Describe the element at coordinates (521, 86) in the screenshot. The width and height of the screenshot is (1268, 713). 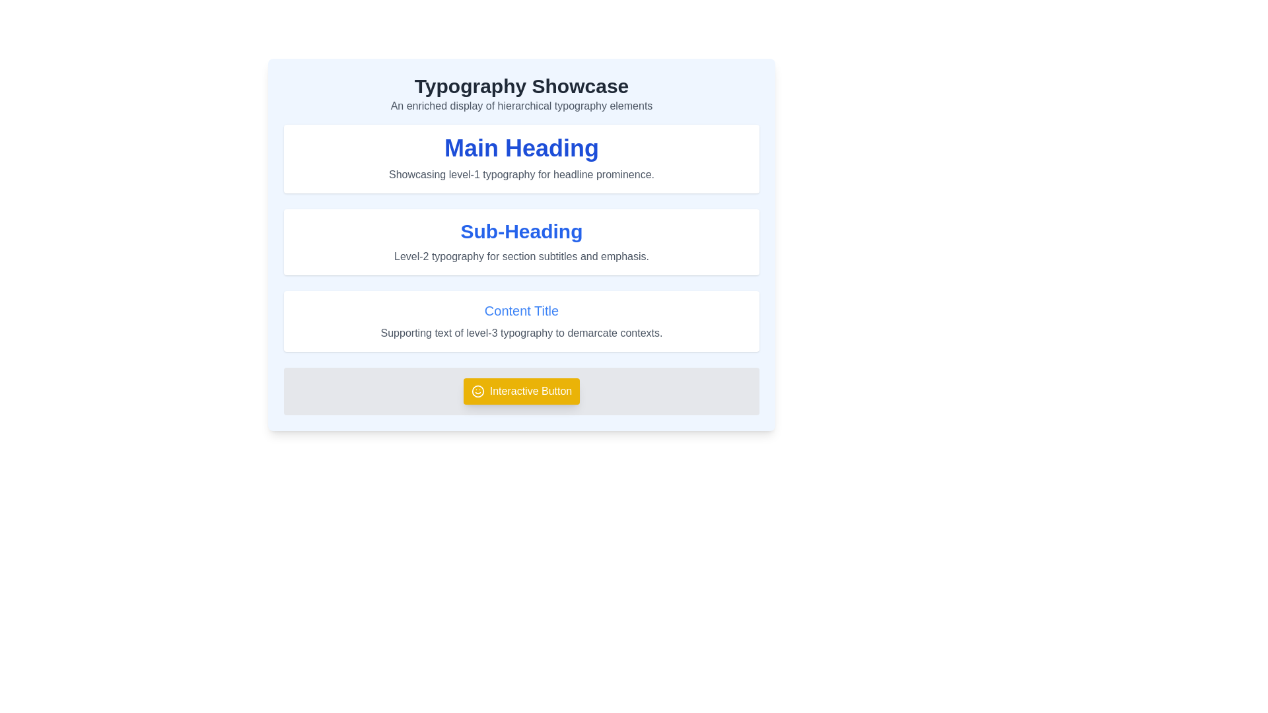
I see `the Text Display element that shows the bold, large text 'Typography Showcase' at the top of the typographic demonstration interface` at that location.